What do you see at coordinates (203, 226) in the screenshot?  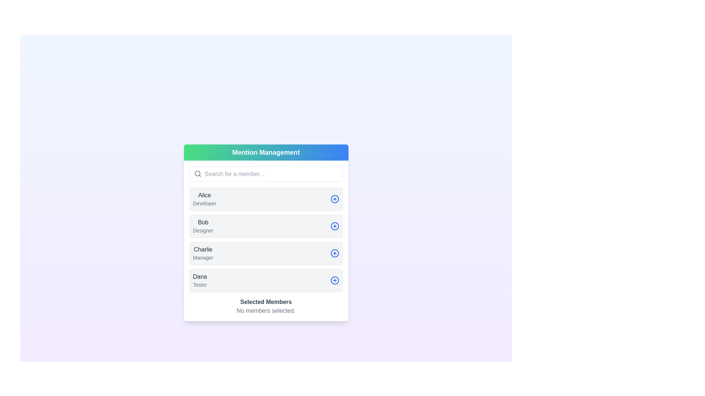 I see `the static text display representing the second user entry in the member list, located below the 'Alice' item` at bounding box center [203, 226].